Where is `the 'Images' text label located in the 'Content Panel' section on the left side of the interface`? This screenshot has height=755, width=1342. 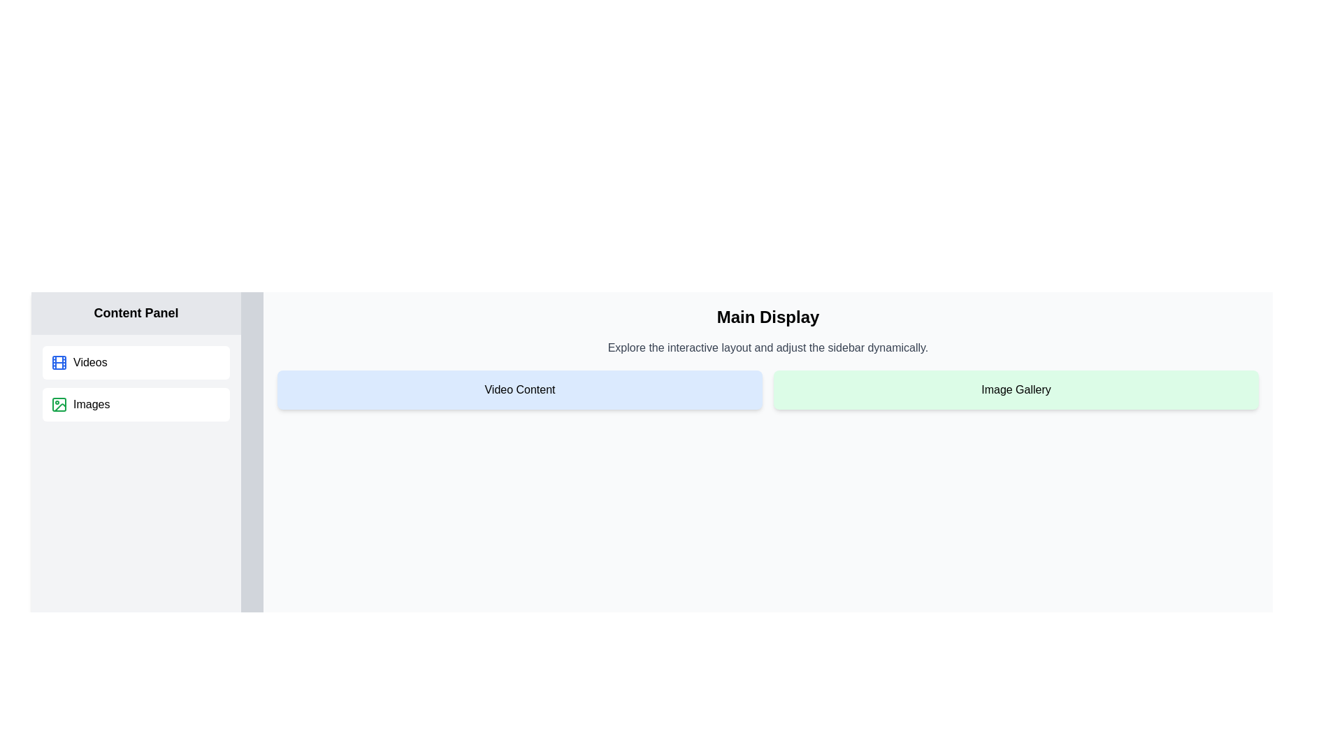 the 'Images' text label located in the 'Content Panel' section on the left side of the interface is located at coordinates (91, 404).